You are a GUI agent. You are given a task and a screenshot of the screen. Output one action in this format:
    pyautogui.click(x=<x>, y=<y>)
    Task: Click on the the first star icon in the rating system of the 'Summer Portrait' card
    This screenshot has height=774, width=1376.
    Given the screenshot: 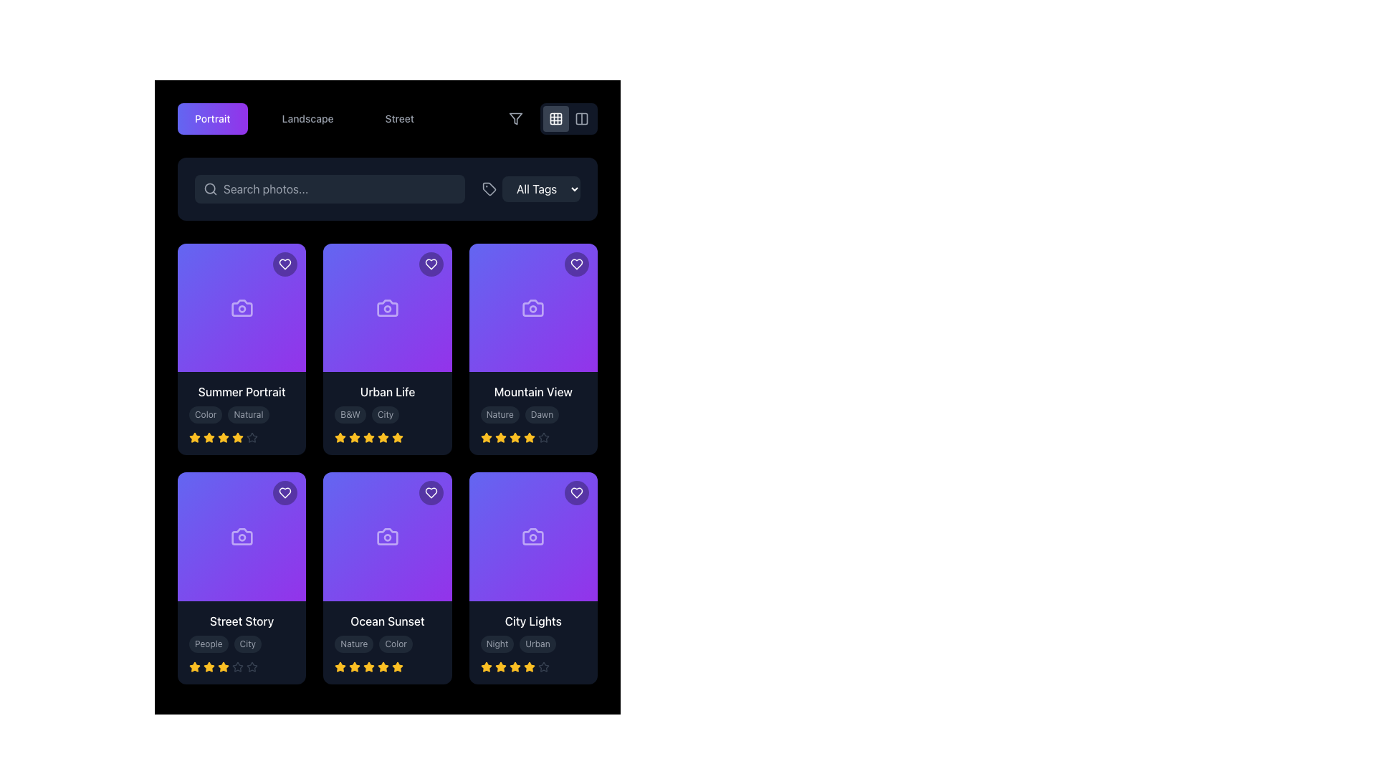 What is the action you would take?
    pyautogui.click(x=209, y=437)
    